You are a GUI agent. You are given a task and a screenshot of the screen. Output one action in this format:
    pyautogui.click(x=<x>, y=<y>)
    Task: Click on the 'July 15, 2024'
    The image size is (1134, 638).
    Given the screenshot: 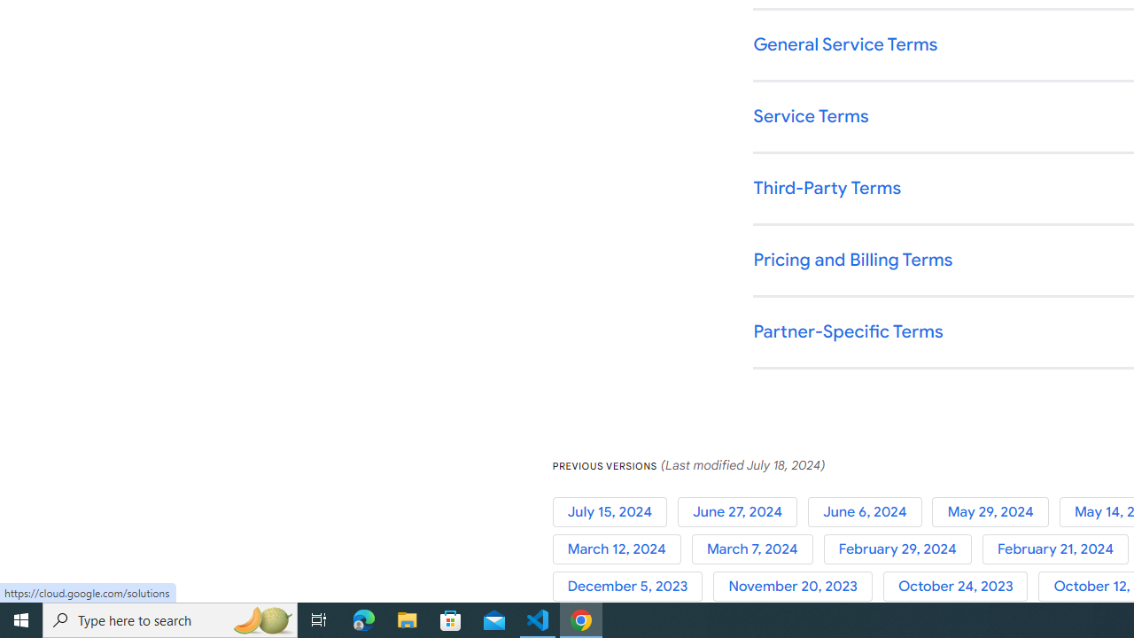 What is the action you would take?
    pyautogui.click(x=615, y=511)
    